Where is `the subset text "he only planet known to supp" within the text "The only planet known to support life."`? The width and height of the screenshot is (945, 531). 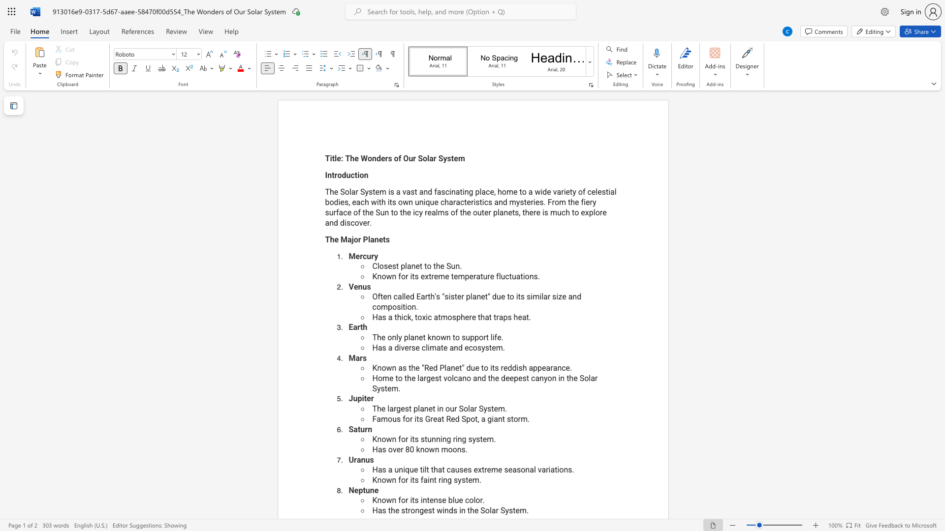 the subset text "he only planet known to supp" within the text "The only planet known to support life." is located at coordinates (377, 337).